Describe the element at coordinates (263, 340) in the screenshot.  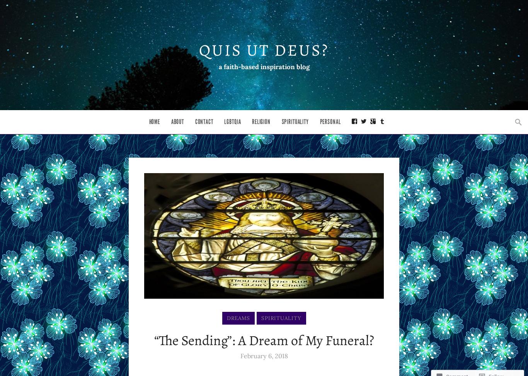
I see `'“The Sending”: A Dream of My Funeral?'` at that location.